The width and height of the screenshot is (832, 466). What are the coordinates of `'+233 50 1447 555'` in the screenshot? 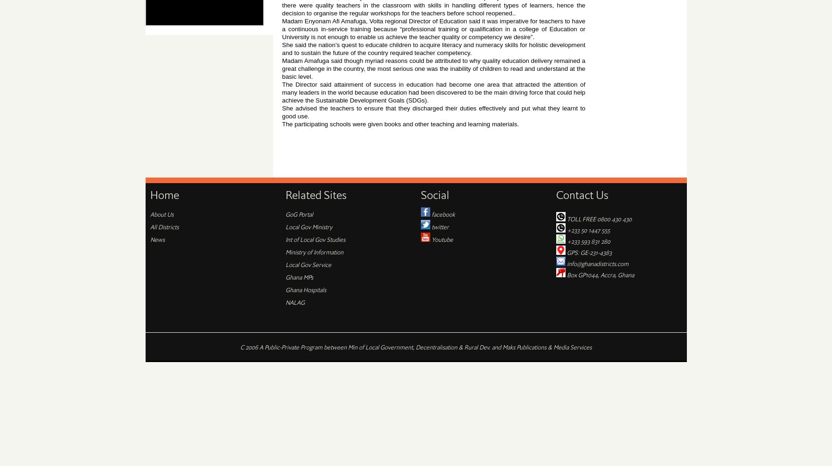 It's located at (565, 229).